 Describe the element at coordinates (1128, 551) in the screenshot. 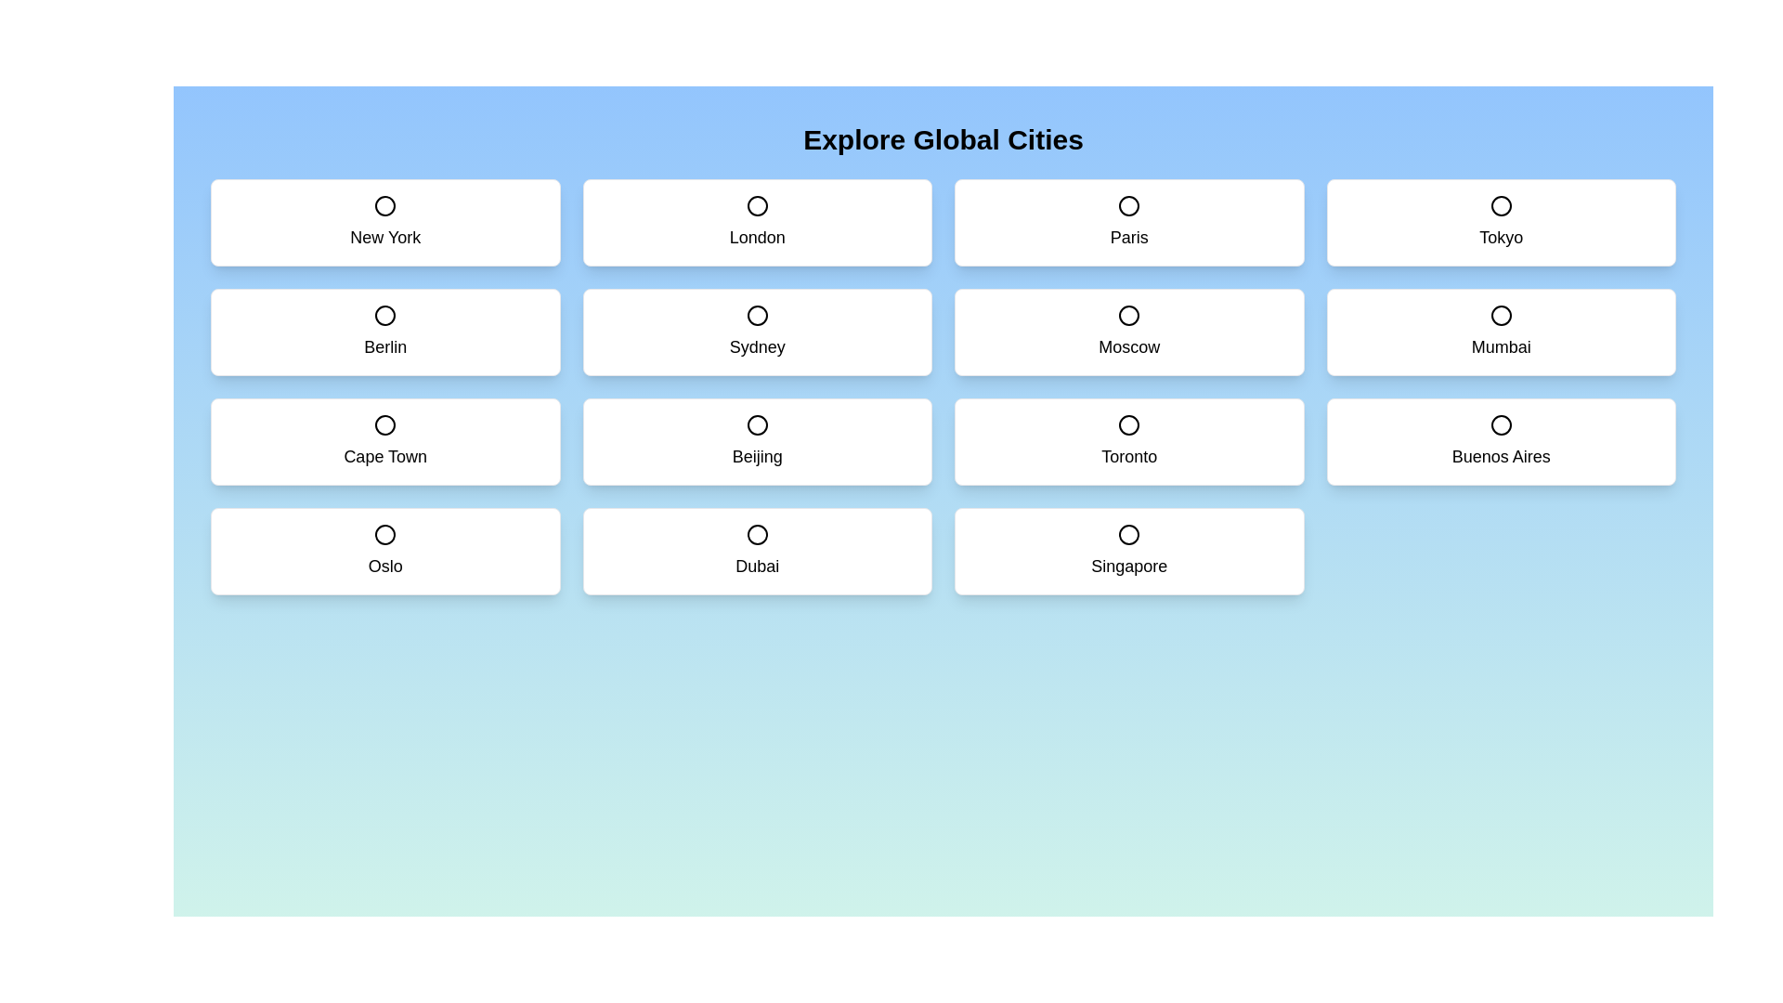

I see `the city card labeled Singapore to toggle its selection state` at that location.